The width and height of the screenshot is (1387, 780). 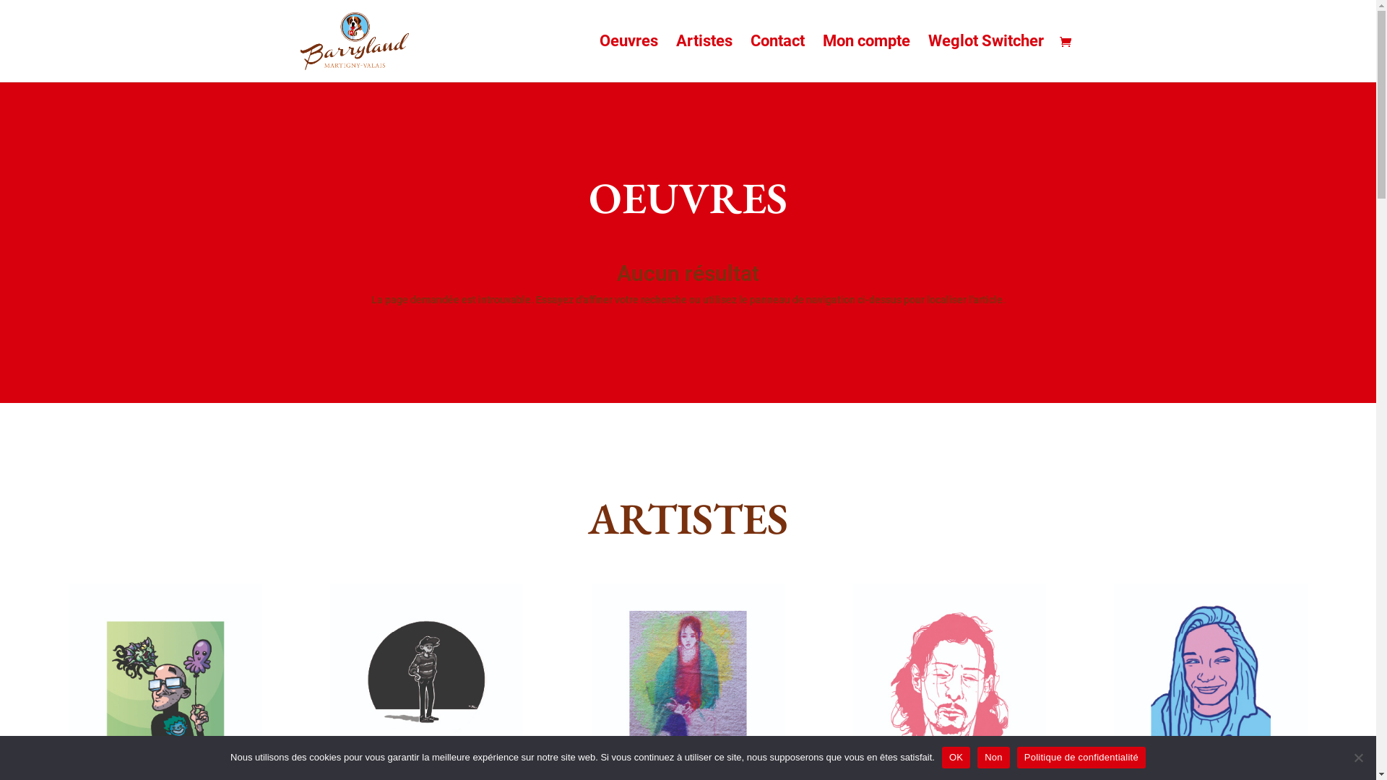 What do you see at coordinates (1357, 757) in the screenshot?
I see `'Non'` at bounding box center [1357, 757].